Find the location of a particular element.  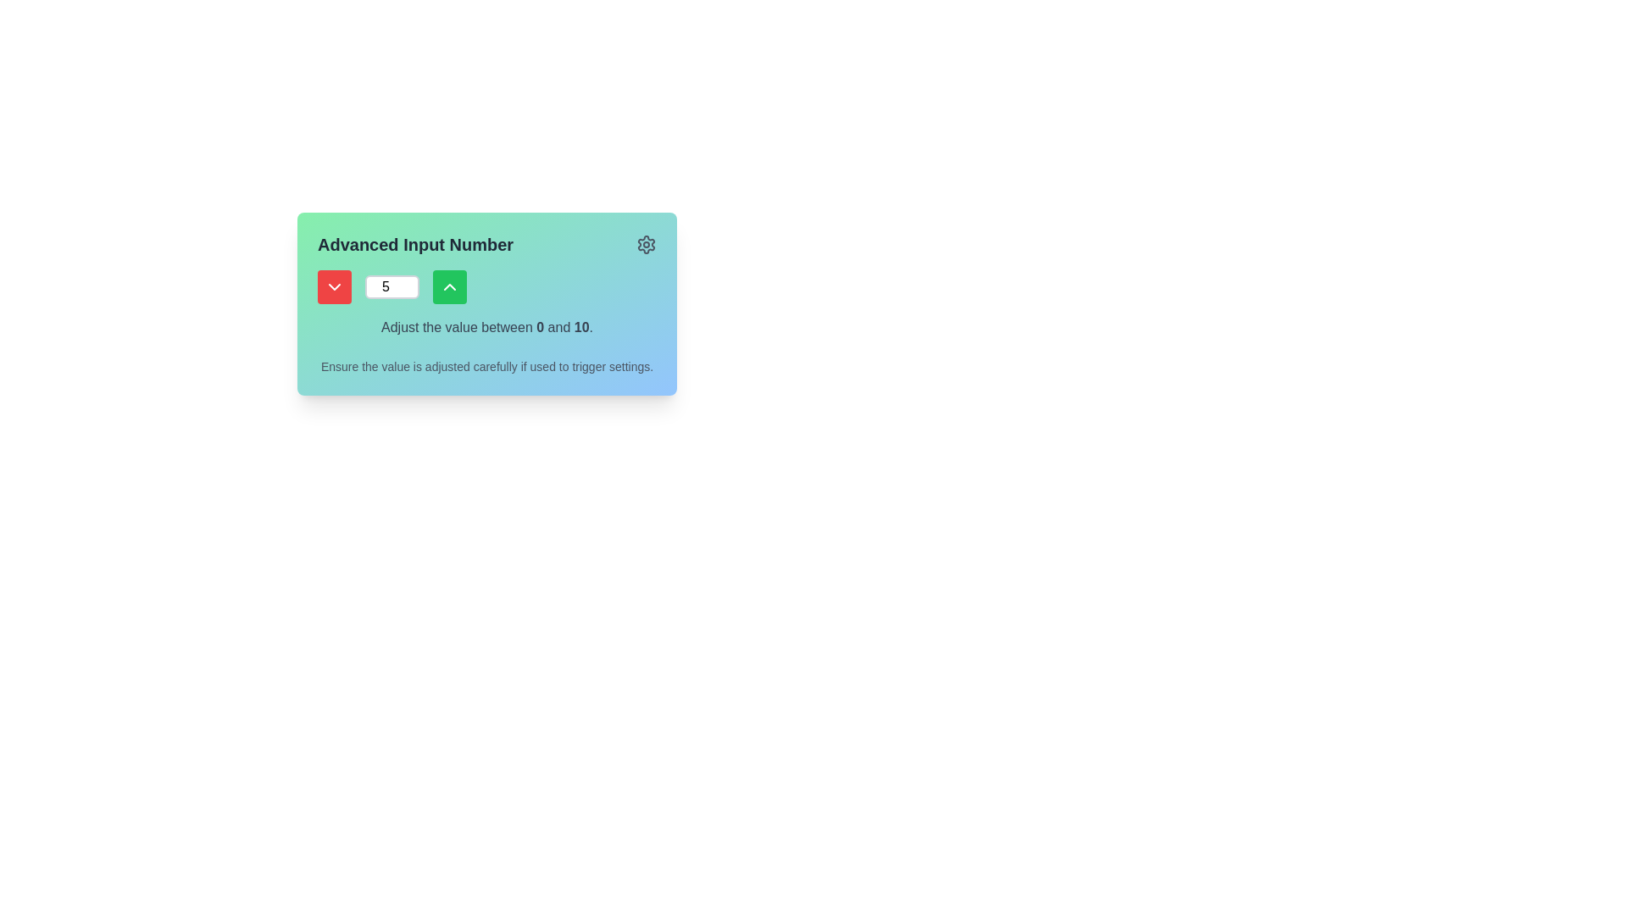

the green button with an upward chevron icon to increase the value in the 'Advanced Input Number' component is located at coordinates (450, 286).